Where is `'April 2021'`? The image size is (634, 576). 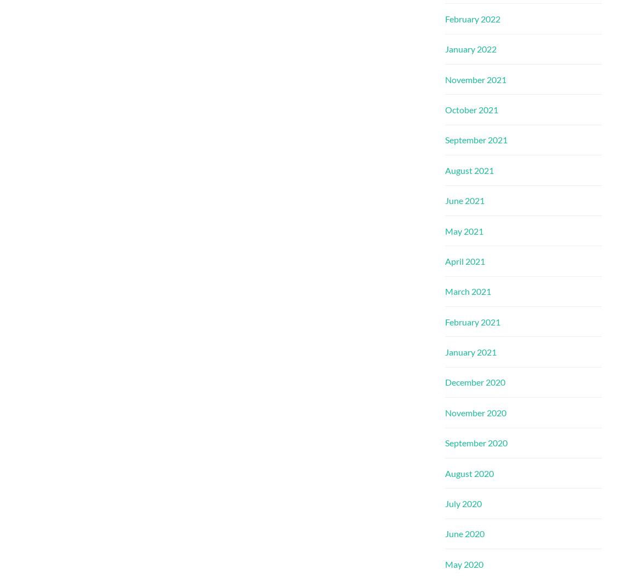 'April 2021' is located at coordinates (445, 260).